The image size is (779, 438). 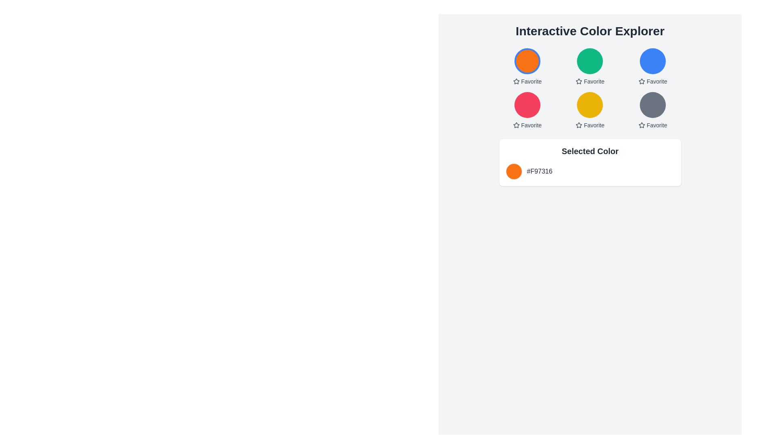 What do you see at coordinates (531, 81) in the screenshot?
I see `the text label that describes the adjacent star icon used for marking colors as favorites, located beneath the orange circular button` at bounding box center [531, 81].